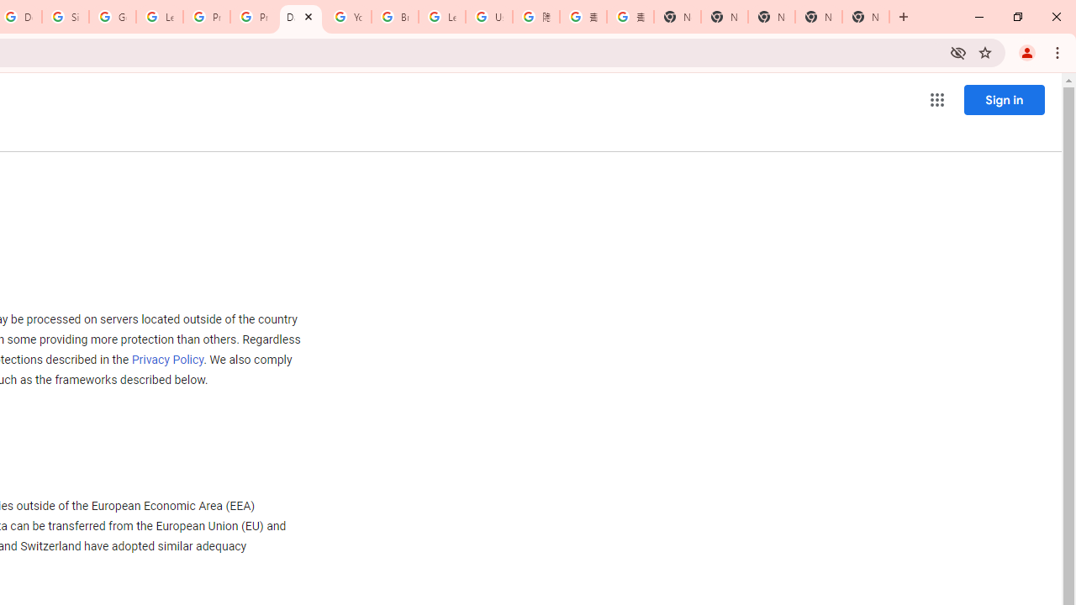 This screenshot has width=1076, height=605. I want to click on 'Privacy Help Center - Policies Help', so click(253, 17).